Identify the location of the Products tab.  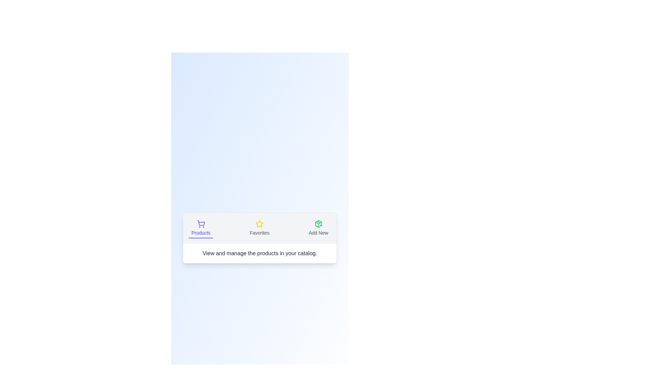
(200, 228).